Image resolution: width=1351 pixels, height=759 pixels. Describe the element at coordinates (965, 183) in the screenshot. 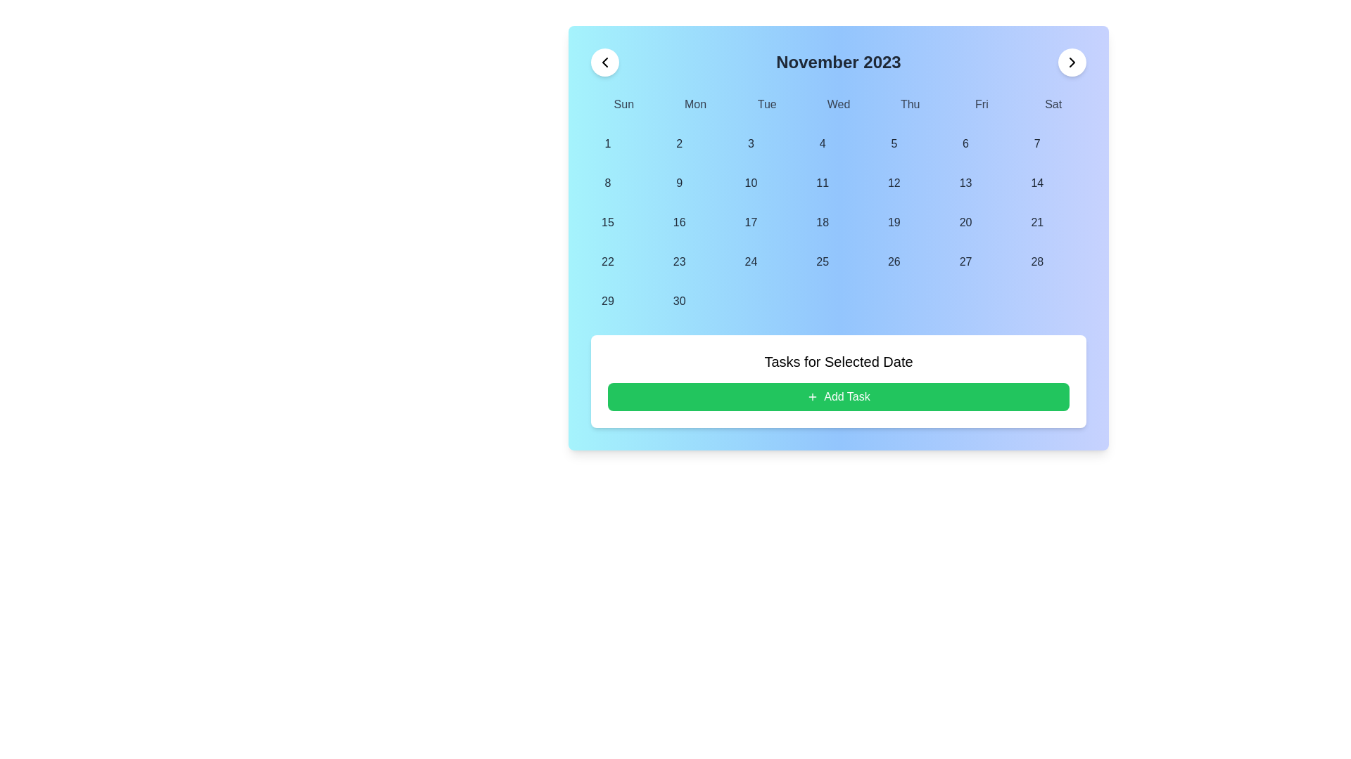

I see `the button representing the 13th day of the month in the calendar interface, located in the seventh column and second row, to trigger the hover effect` at that location.